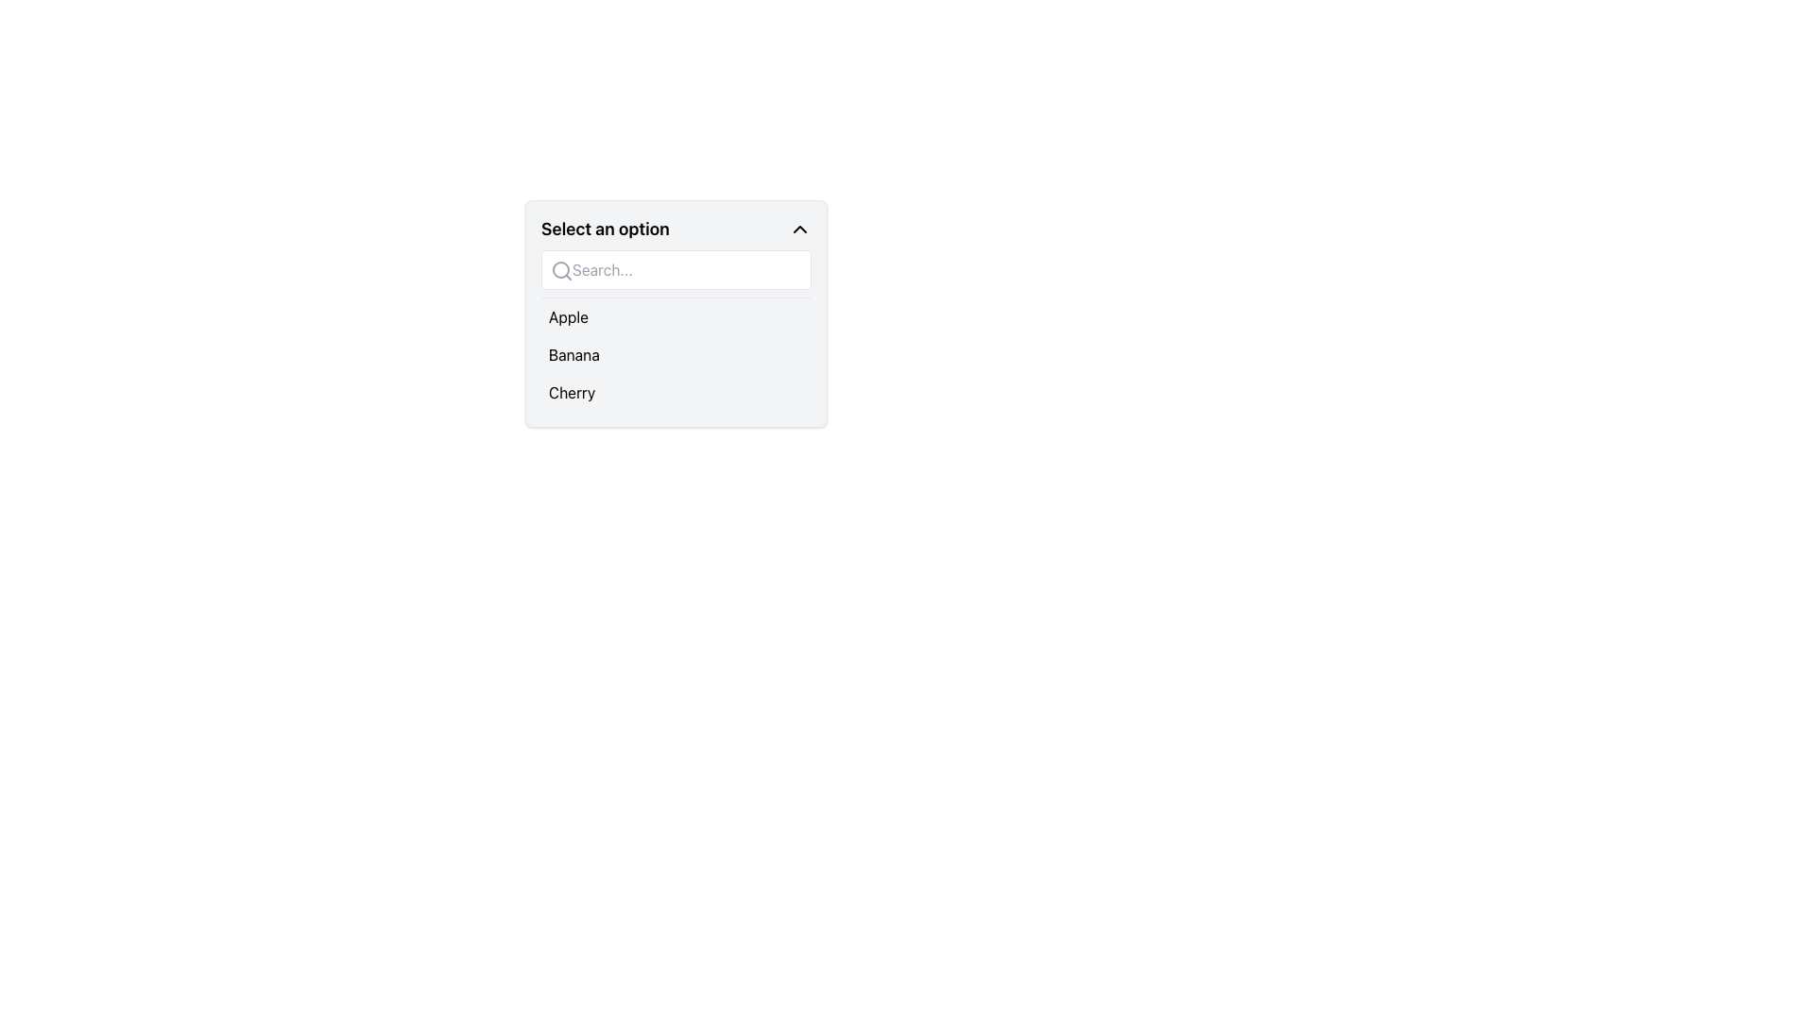 The width and height of the screenshot is (1814, 1020). What do you see at coordinates (567, 315) in the screenshot?
I see `the text label displaying 'Apple'` at bounding box center [567, 315].